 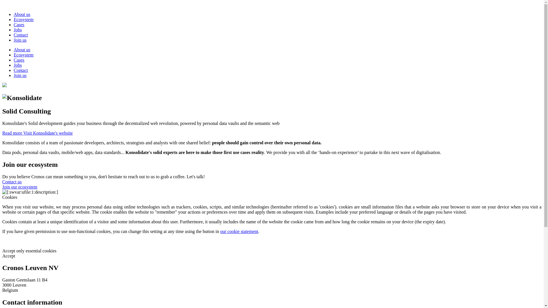 What do you see at coordinates (20, 40) in the screenshot?
I see `'Join us'` at bounding box center [20, 40].